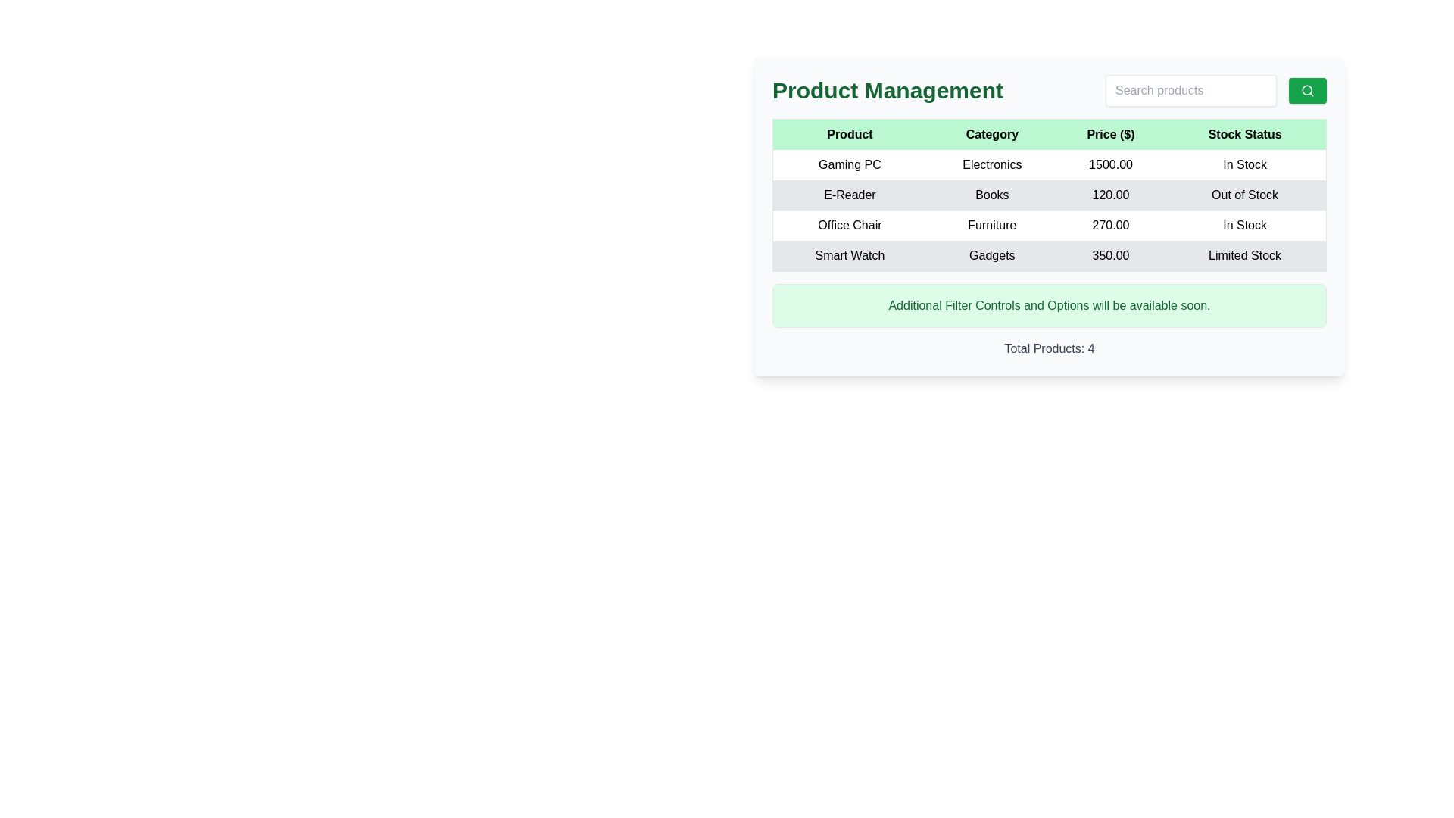 The height and width of the screenshot is (818, 1454). What do you see at coordinates (850, 133) in the screenshot?
I see `the text label that displays 'Product', which is the leftmost header in the tabular layout under 'Product Management'` at bounding box center [850, 133].